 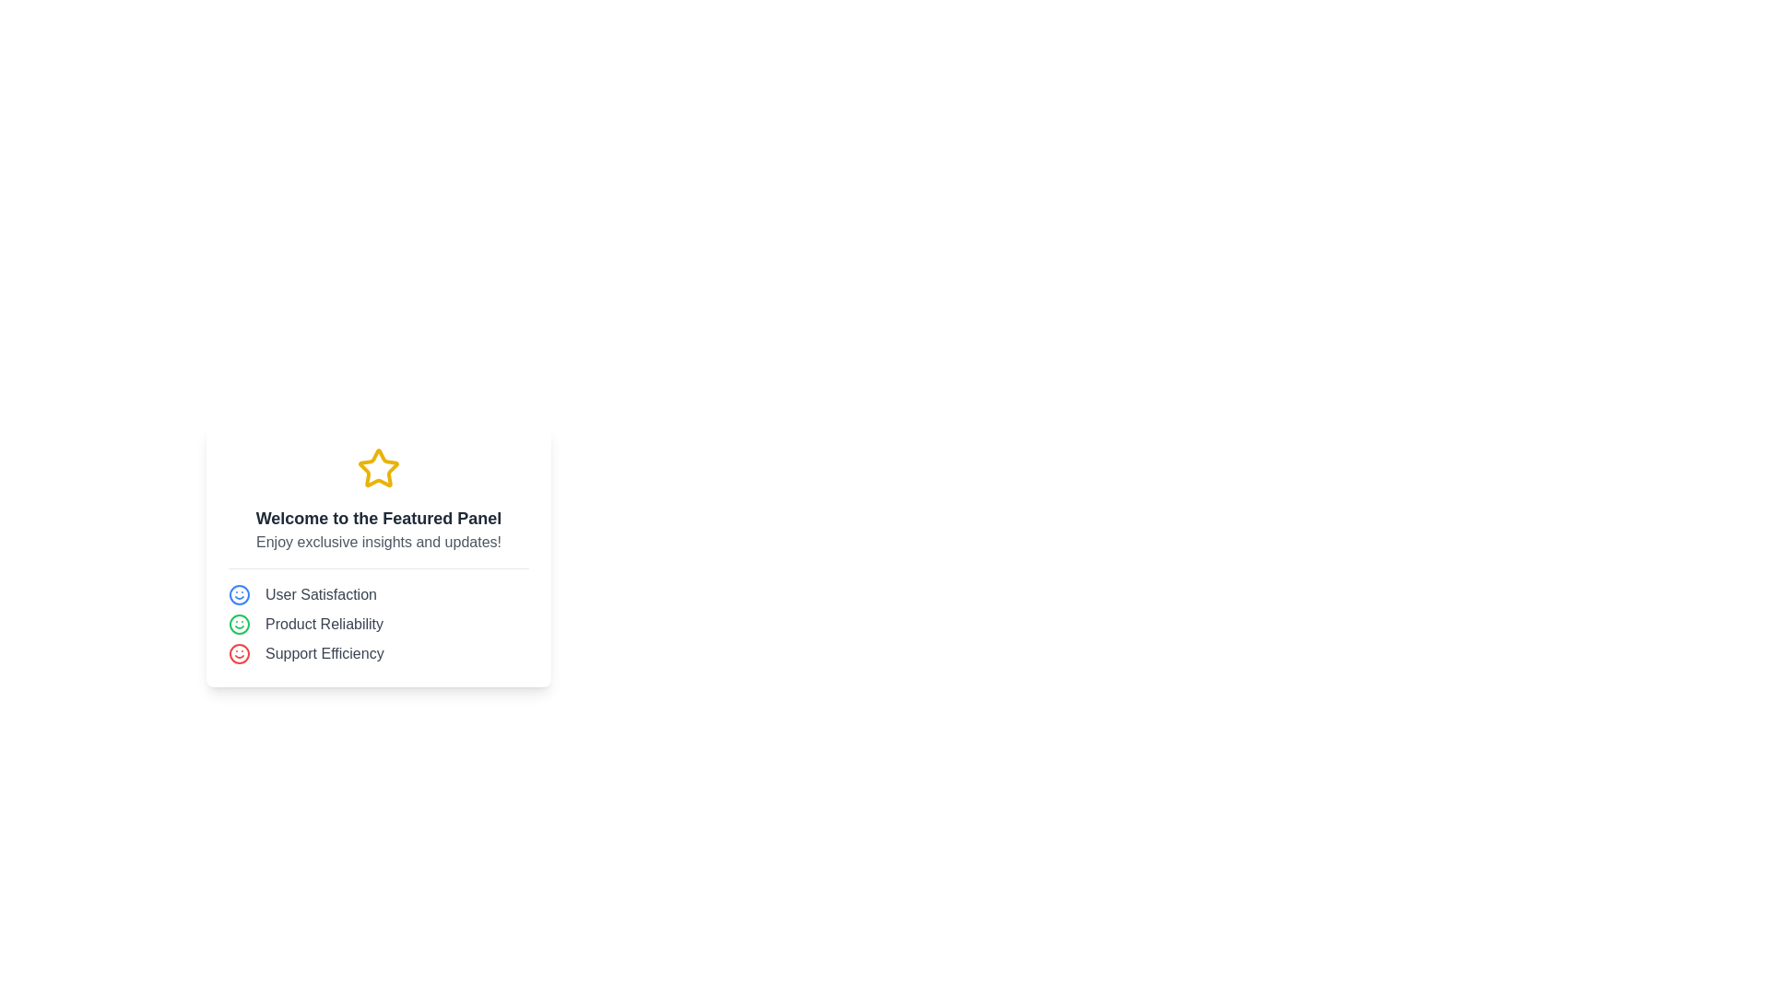 I want to click on the star icon located at the top-center of the card containing the heading 'Welcome to the Featured Panel' and the subheading 'Enjoy exclusive insights and updates!', so click(x=378, y=467).